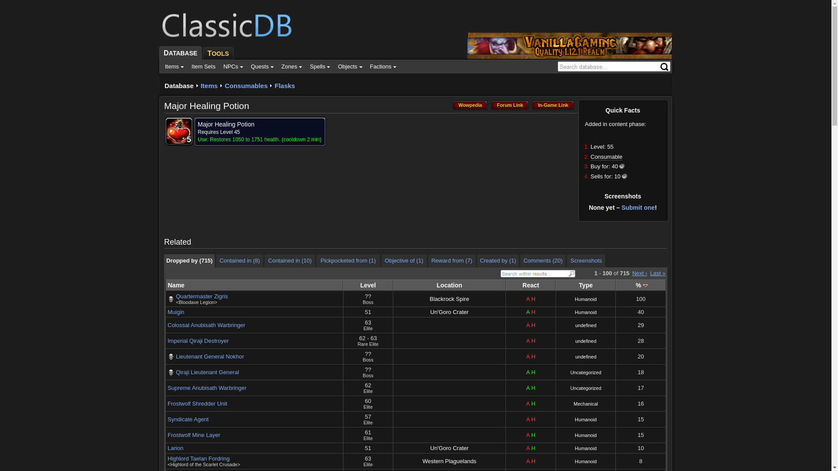  Describe the element at coordinates (209, 356) in the screenshot. I see `'Lieutenant General Nokhor'` at that location.